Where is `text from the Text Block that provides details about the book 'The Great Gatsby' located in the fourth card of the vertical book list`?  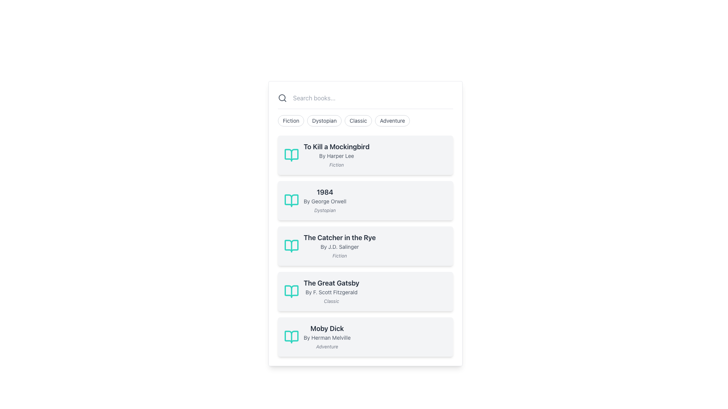 text from the Text Block that provides details about the book 'The Great Gatsby' located in the fourth card of the vertical book list is located at coordinates (331, 291).